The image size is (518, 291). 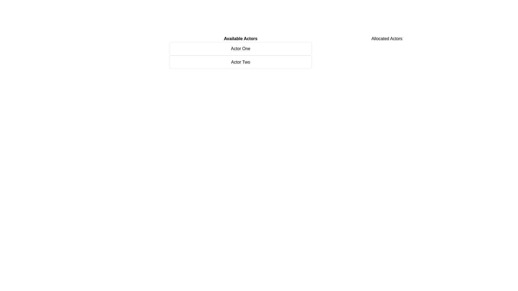 I want to click on the actor Actor One under 'Available Actors' to select them, so click(x=240, y=49).